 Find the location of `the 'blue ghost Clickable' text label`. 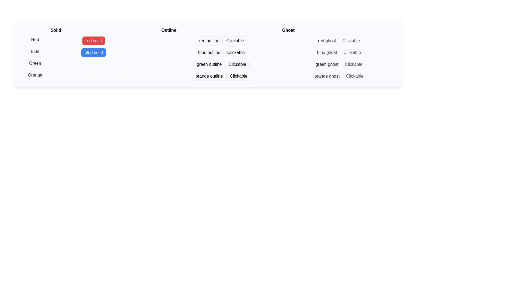

the 'blue ghost Clickable' text label is located at coordinates (338, 52).